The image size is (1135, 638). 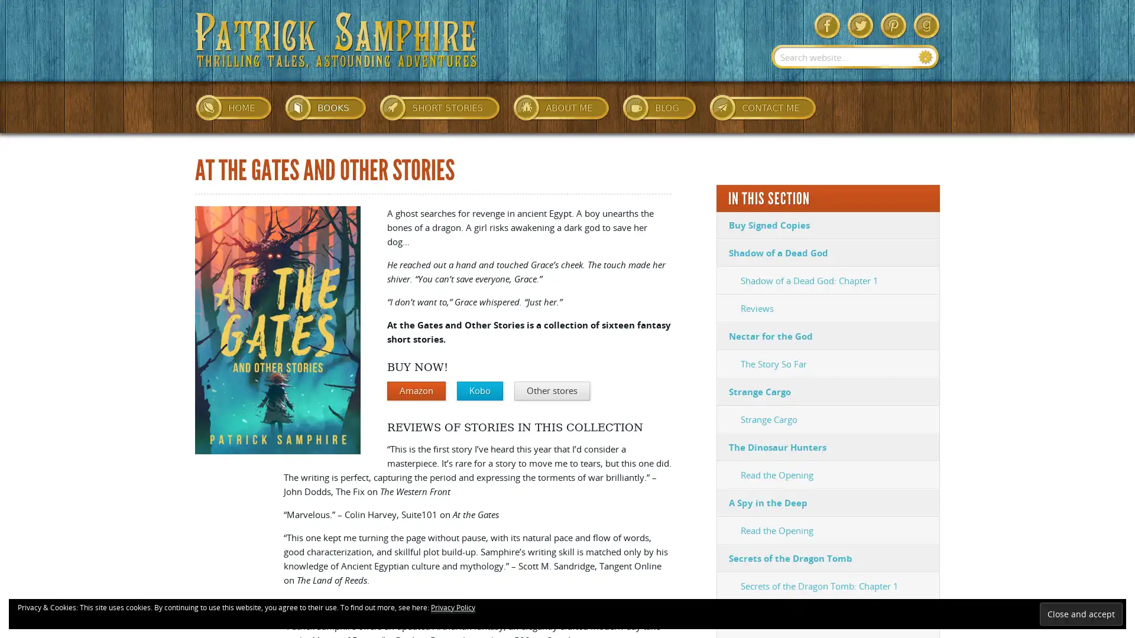 What do you see at coordinates (925, 57) in the screenshot?
I see `Search` at bounding box center [925, 57].